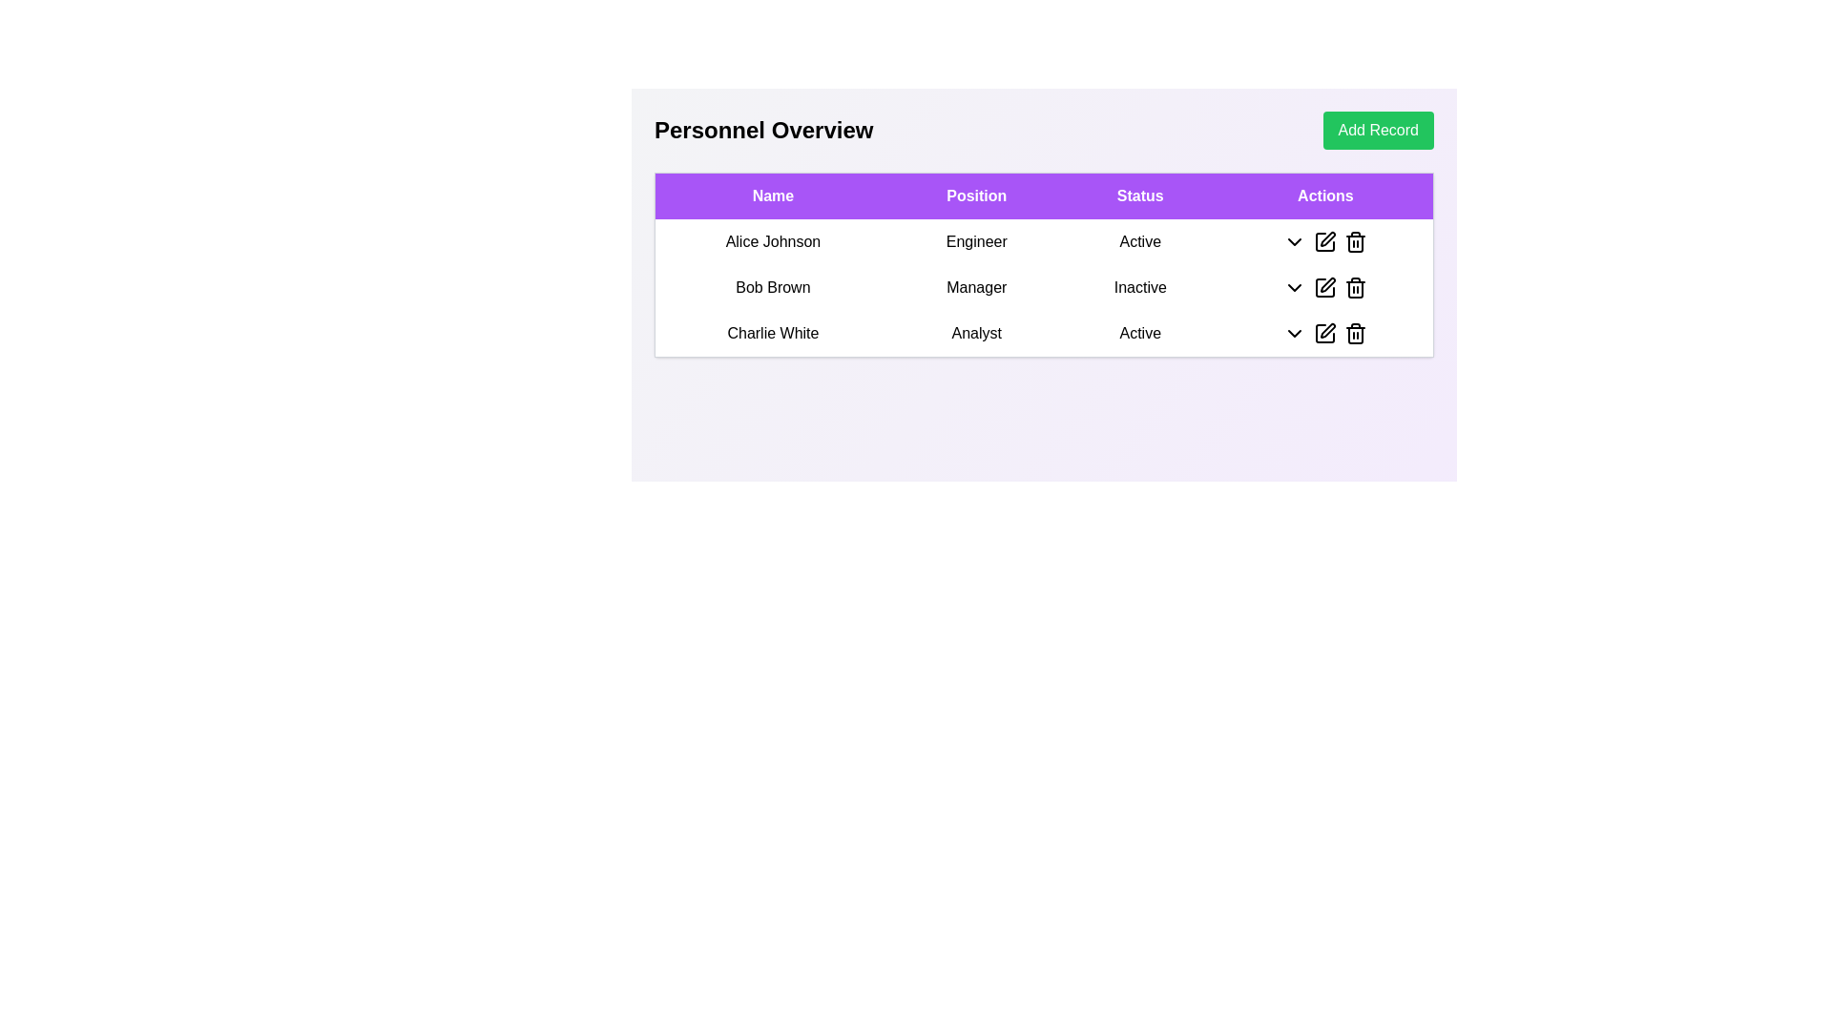 This screenshot has width=1832, height=1030. I want to click on the 'edit' button in the 'Actions' column of the first row of the table, which is the second interactive icon following a downward arrow icon, so click(1324, 241).